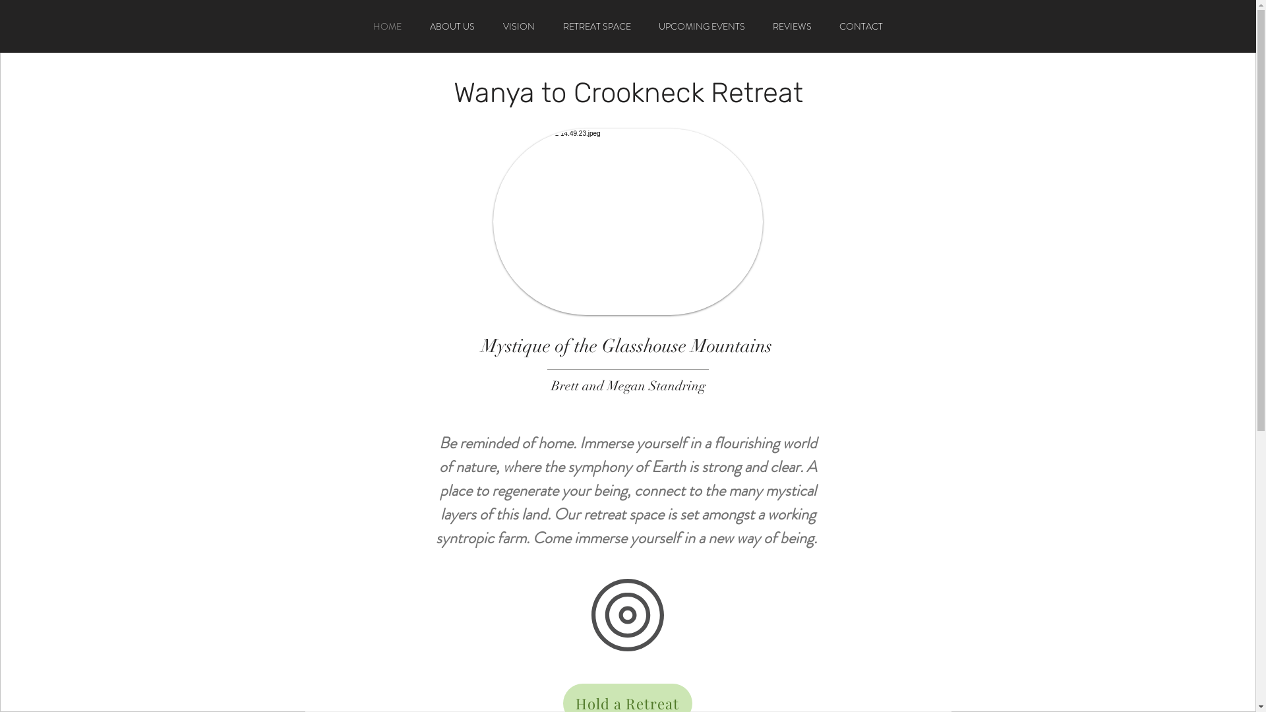 The image size is (1266, 712). Describe the element at coordinates (645, 26) in the screenshot. I see `'UPCOMING EVENTS'` at that location.